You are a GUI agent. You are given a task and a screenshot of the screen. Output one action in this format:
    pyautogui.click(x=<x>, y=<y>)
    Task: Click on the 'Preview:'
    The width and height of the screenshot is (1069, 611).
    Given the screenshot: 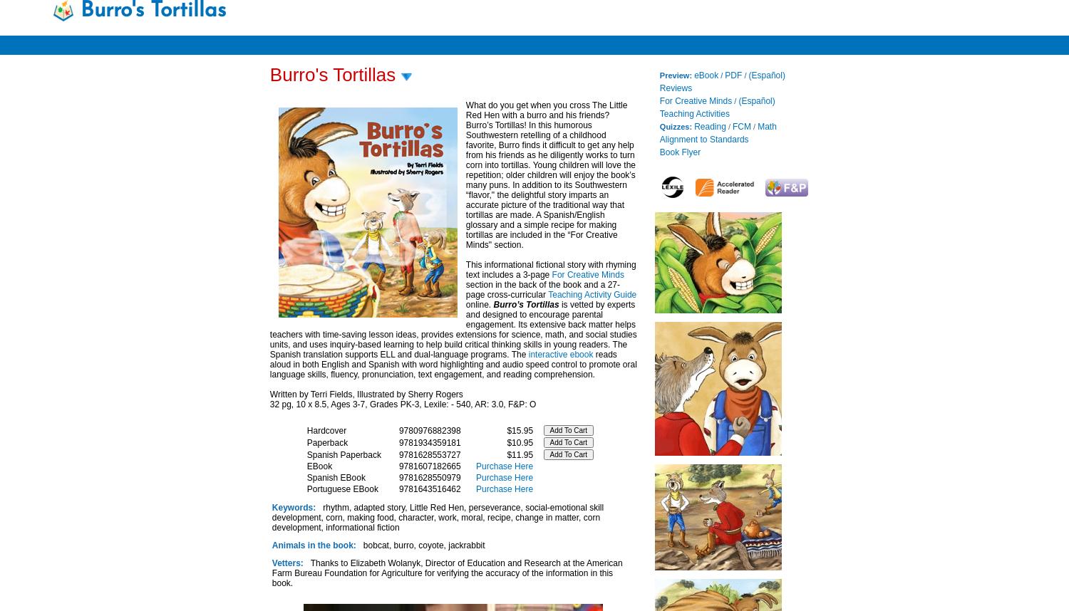 What is the action you would take?
    pyautogui.click(x=675, y=75)
    